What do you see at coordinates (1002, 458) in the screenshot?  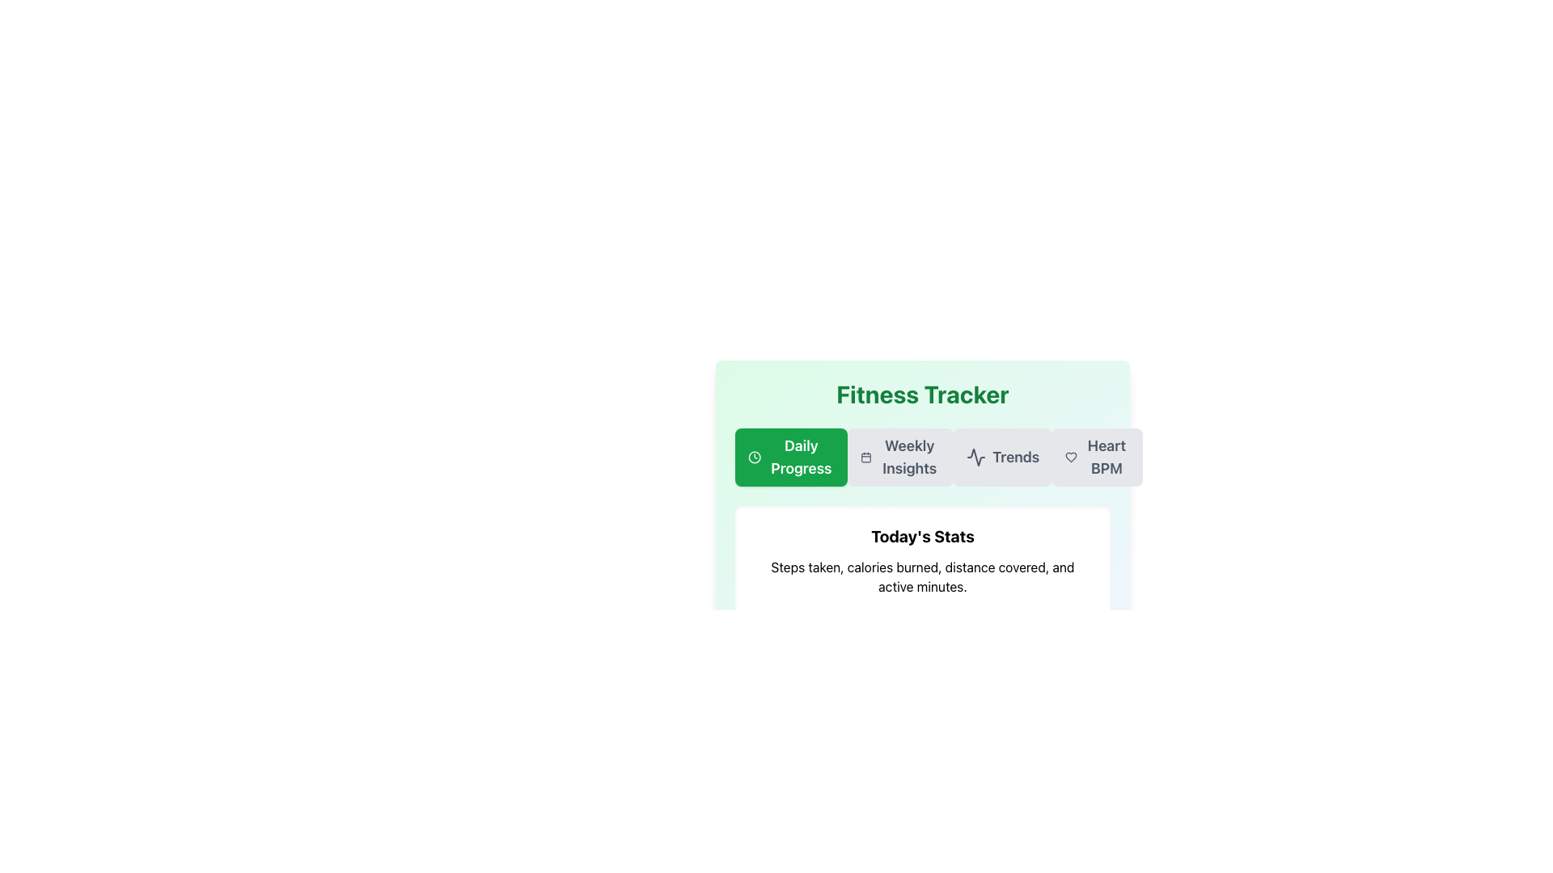 I see `the 'Trends' button, which has a gray background and a heartbeat graph icon` at bounding box center [1002, 458].